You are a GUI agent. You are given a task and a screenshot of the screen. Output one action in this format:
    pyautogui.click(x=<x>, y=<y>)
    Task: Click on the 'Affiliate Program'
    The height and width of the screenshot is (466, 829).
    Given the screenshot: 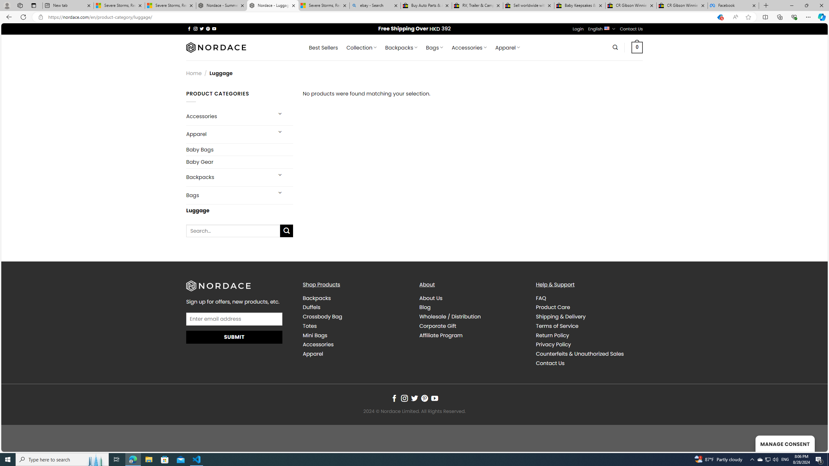 What is the action you would take?
    pyautogui.click(x=472, y=335)
    